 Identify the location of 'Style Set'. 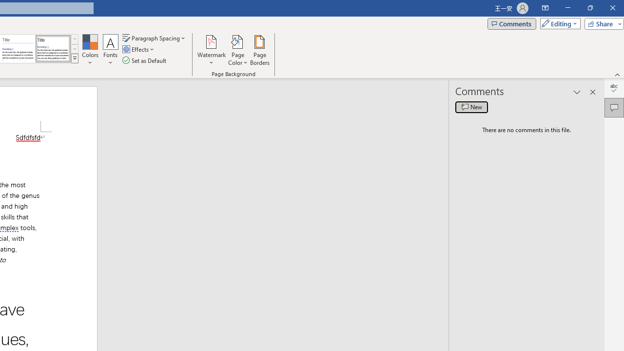
(74, 58).